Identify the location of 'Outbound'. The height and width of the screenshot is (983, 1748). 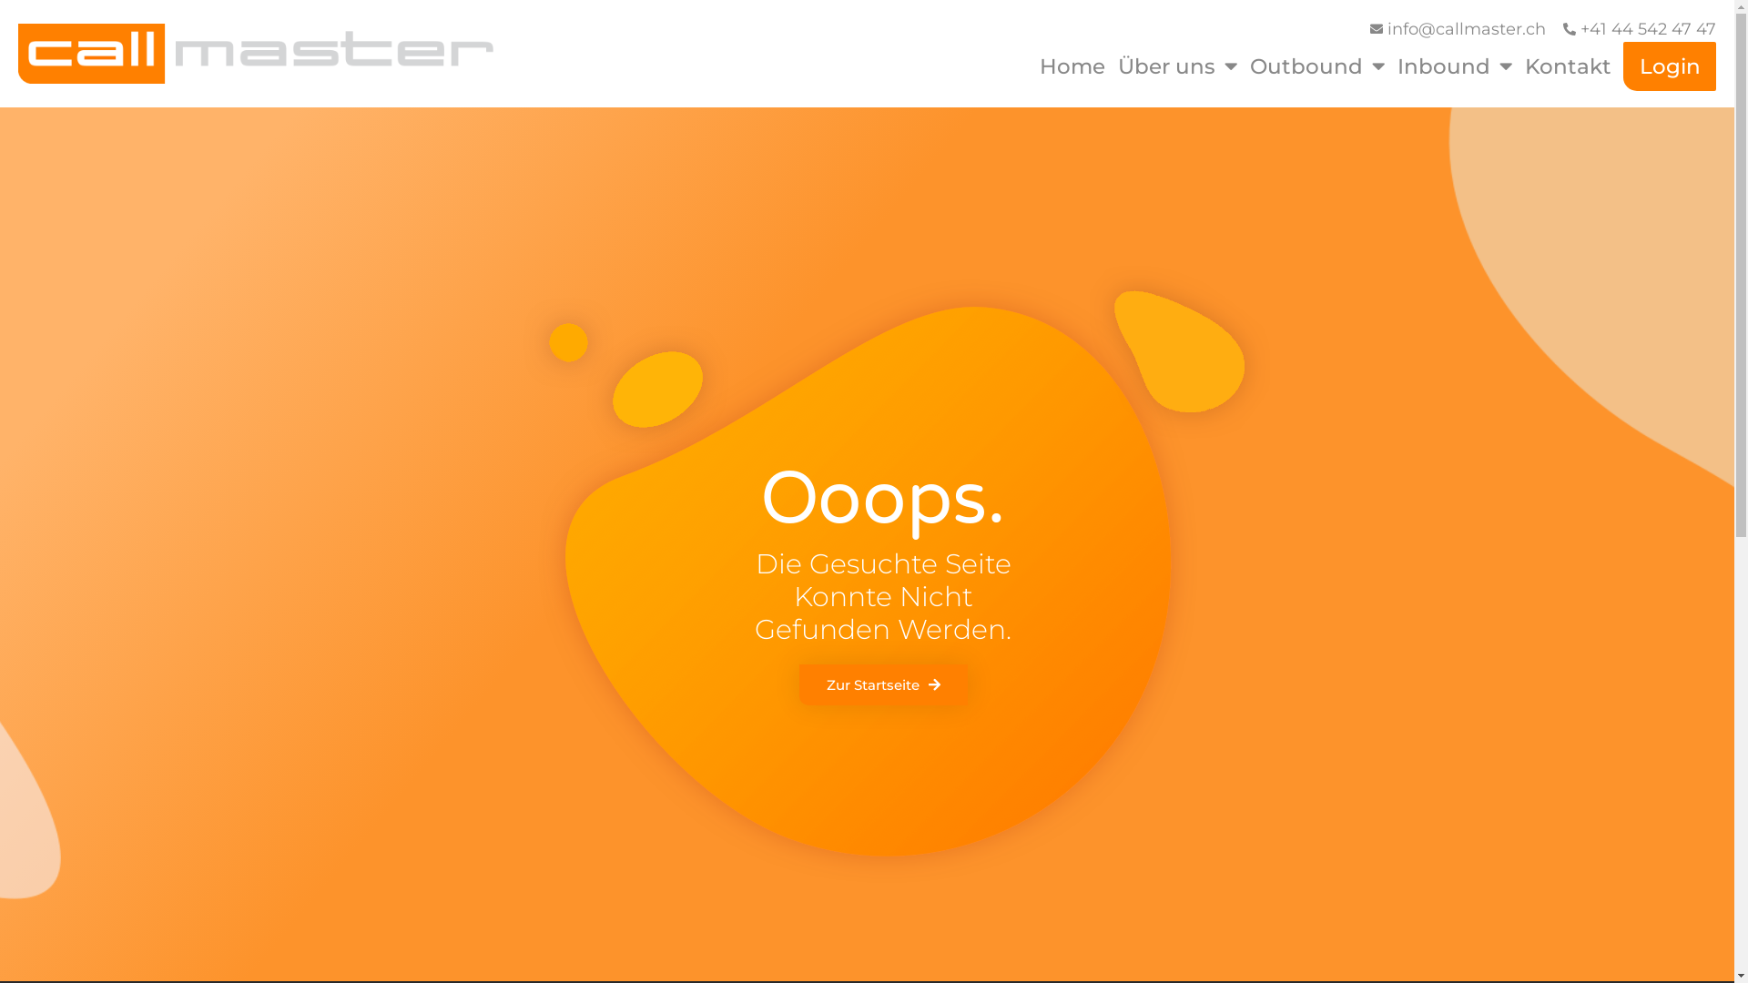
(1316, 66).